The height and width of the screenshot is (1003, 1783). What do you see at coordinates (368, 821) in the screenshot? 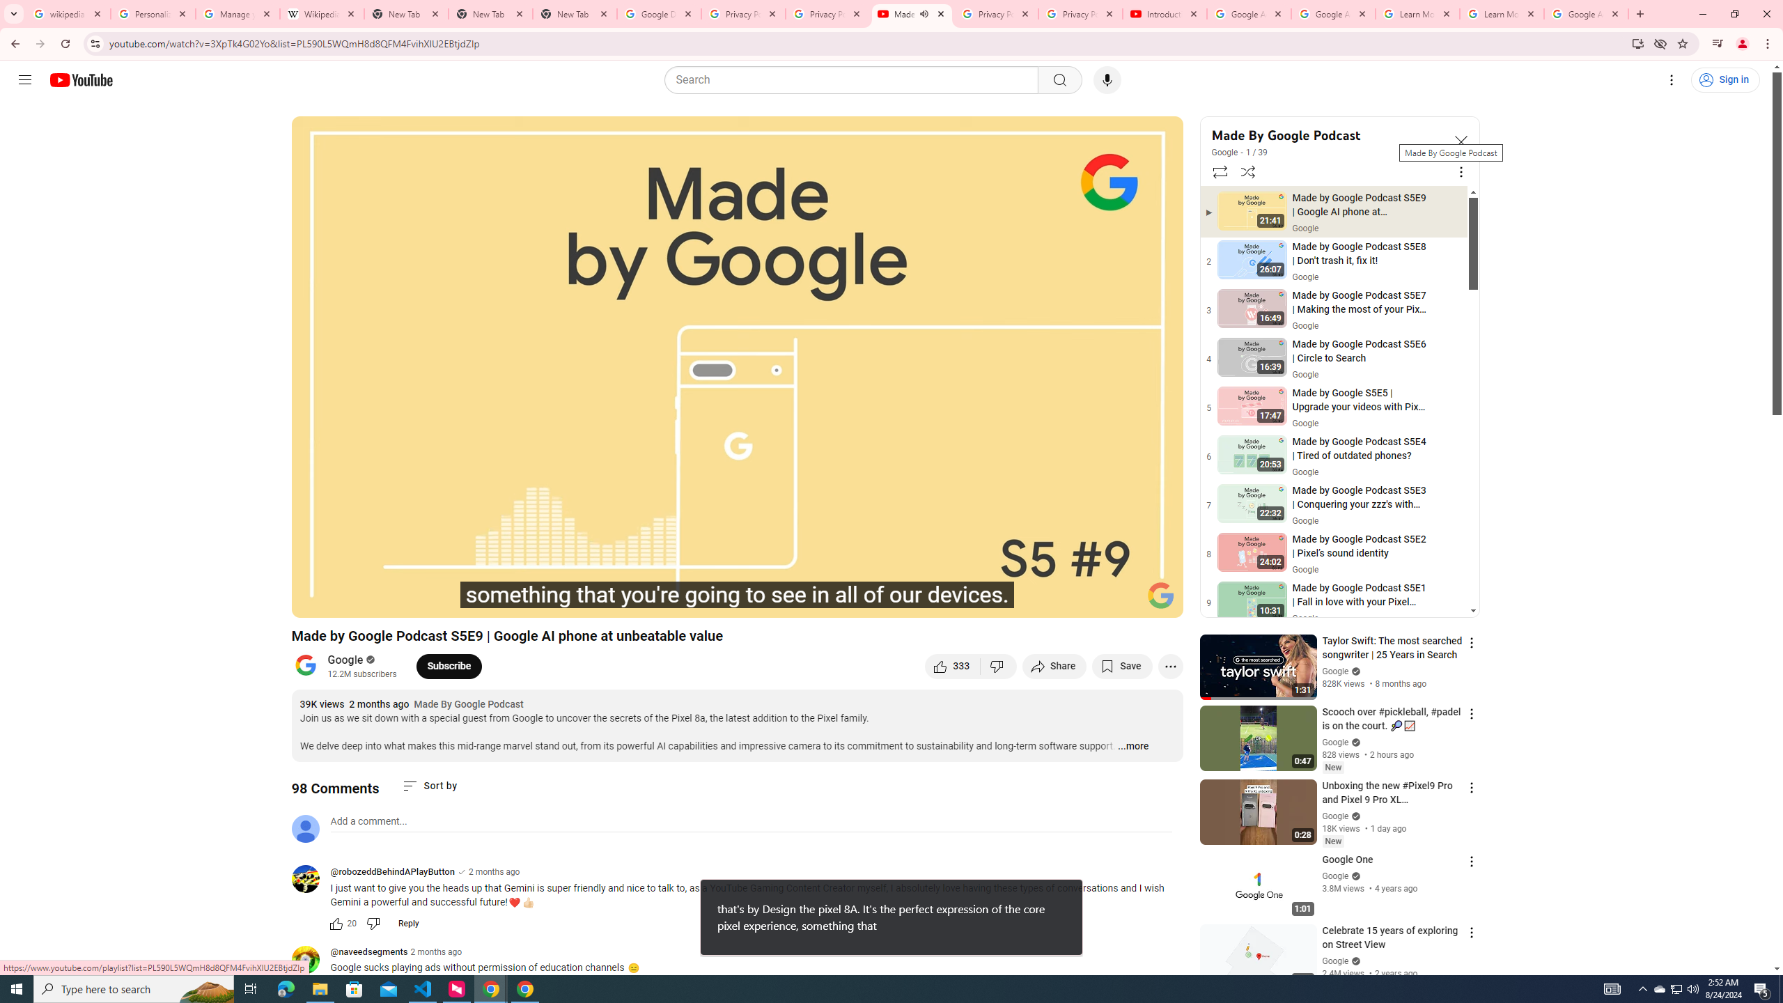
I see `'AutomationID: simplebox-placeholder'` at bounding box center [368, 821].